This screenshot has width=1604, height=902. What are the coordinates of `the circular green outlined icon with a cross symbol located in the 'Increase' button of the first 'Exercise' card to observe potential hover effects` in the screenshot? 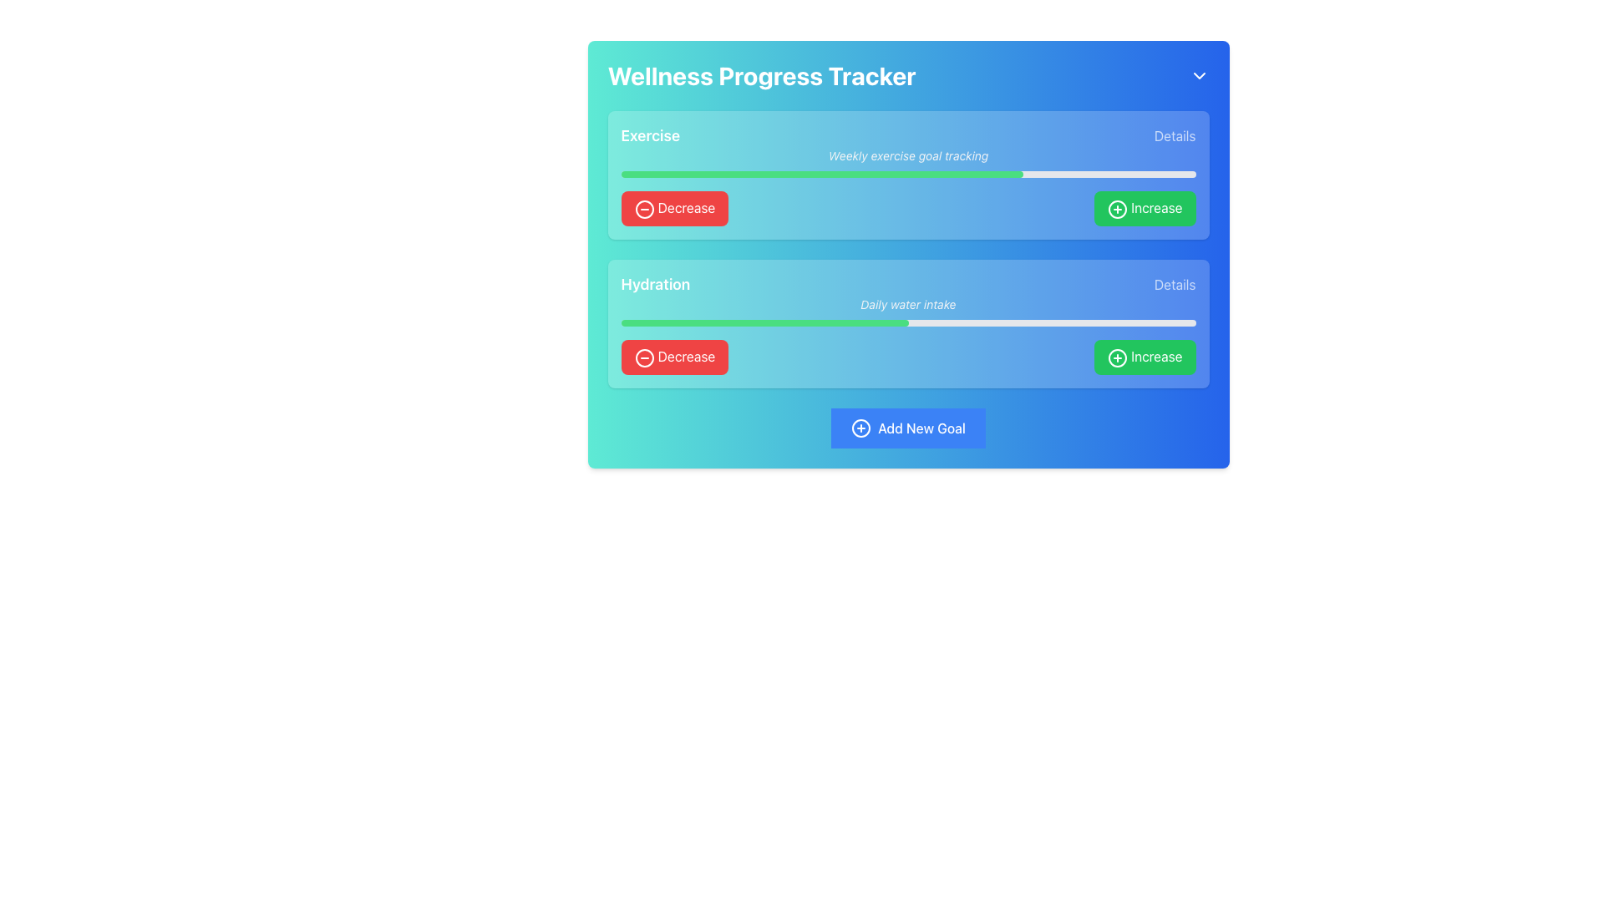 It's located at (1117, 208).